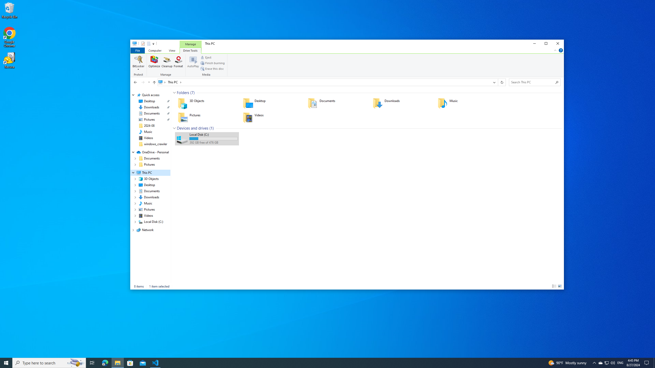  What do you see at coordinates (206, 103) in the screenshot?
I see `'3D Objects'` at bounding box center [206, 103].